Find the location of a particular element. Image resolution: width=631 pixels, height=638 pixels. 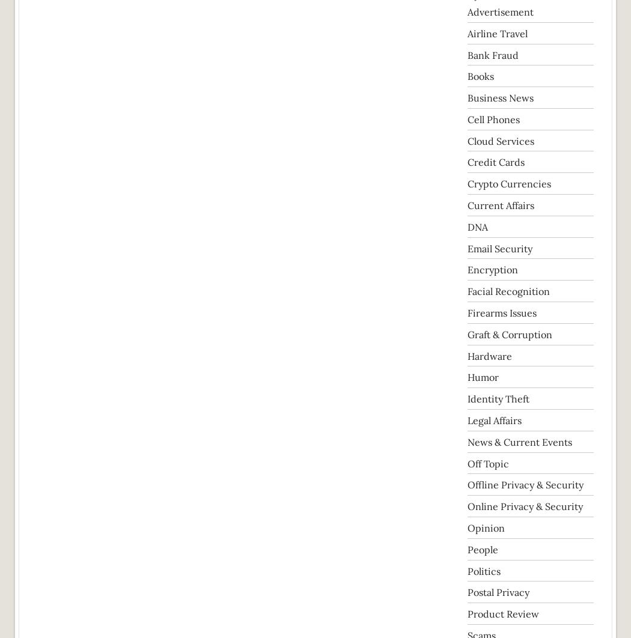

'Online Privacy & Security' is located at coordinates (525, 506).